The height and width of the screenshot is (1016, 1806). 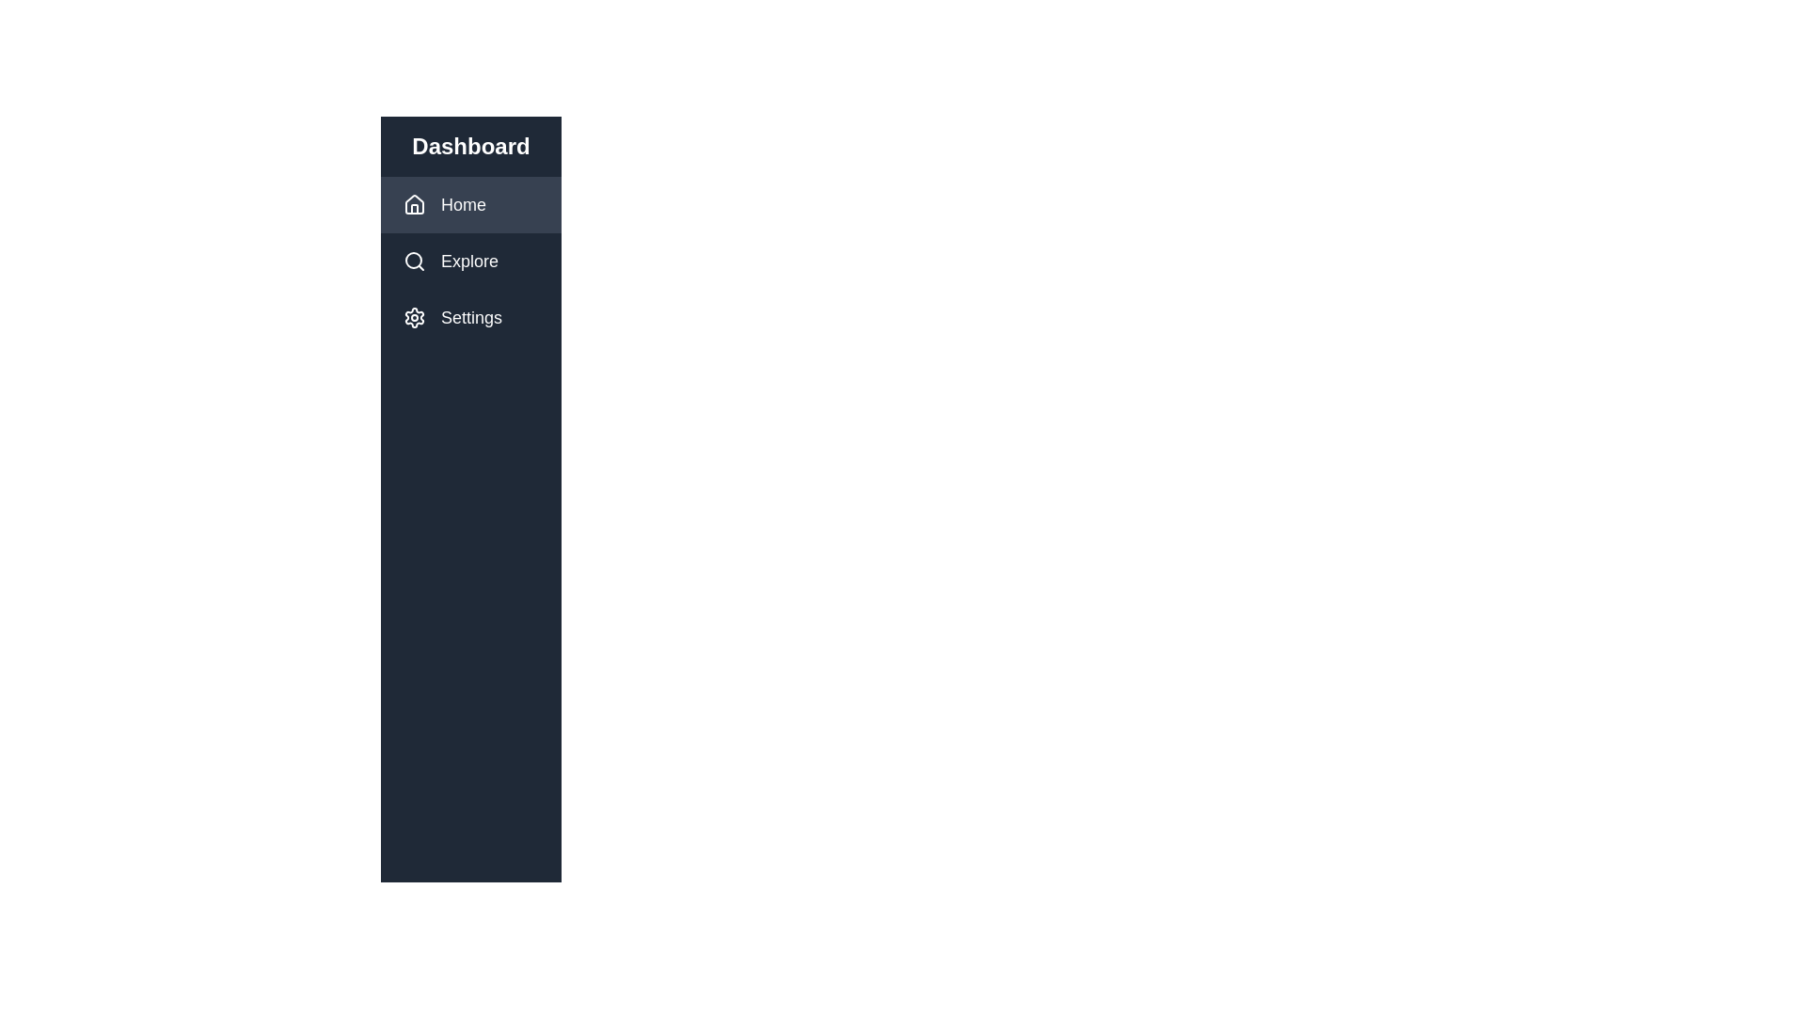 What do you see at coordinates (414, 203) in the screenshot?
I see `the house-shaped icon in the 'Home' menu option in the left sidebar, which is styled with a simple line illustration in a dark color and positioned above the text label 'Home'` at bounding box center [414, 203].